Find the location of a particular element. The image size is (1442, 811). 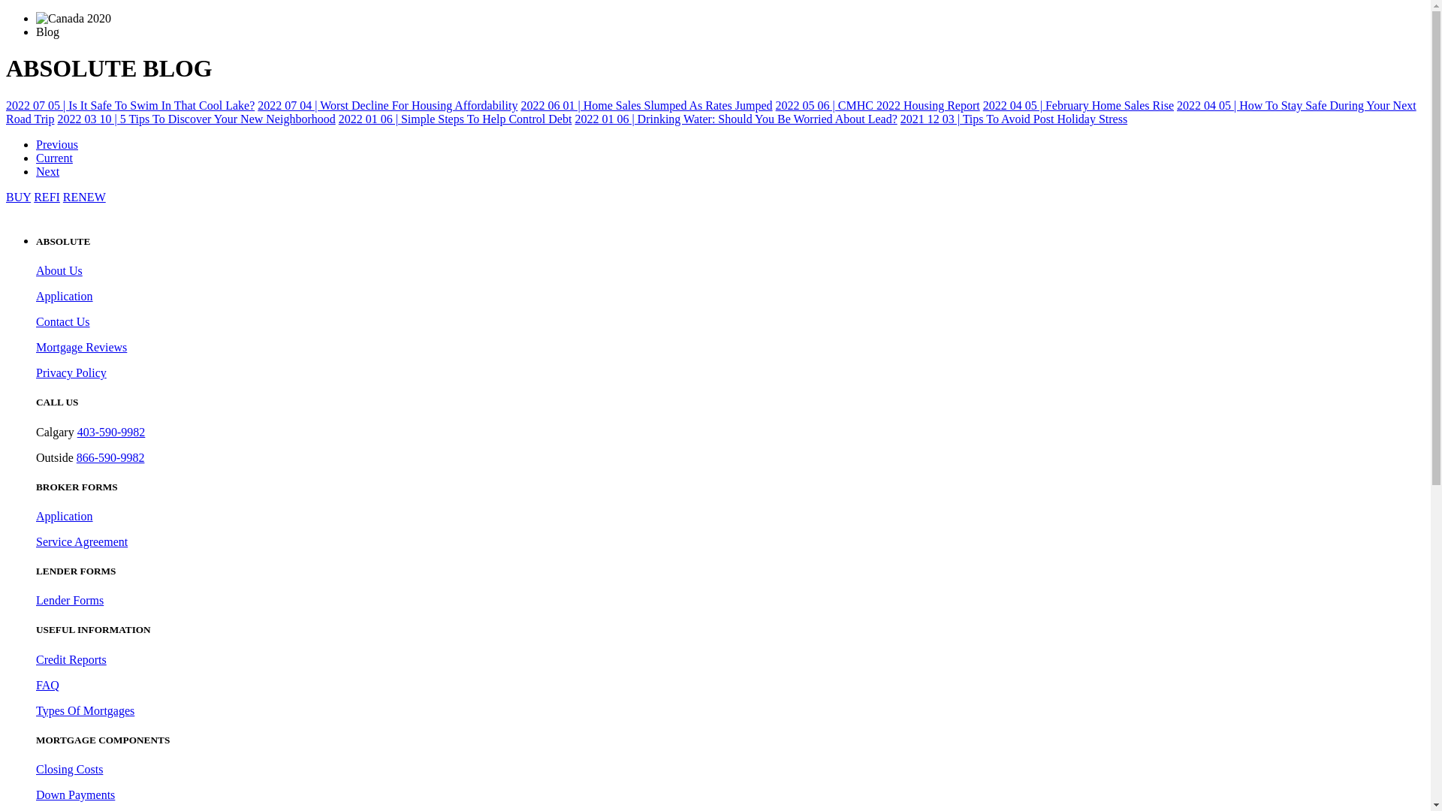

'Privacy Policy' is located at coordinates (71, 372).